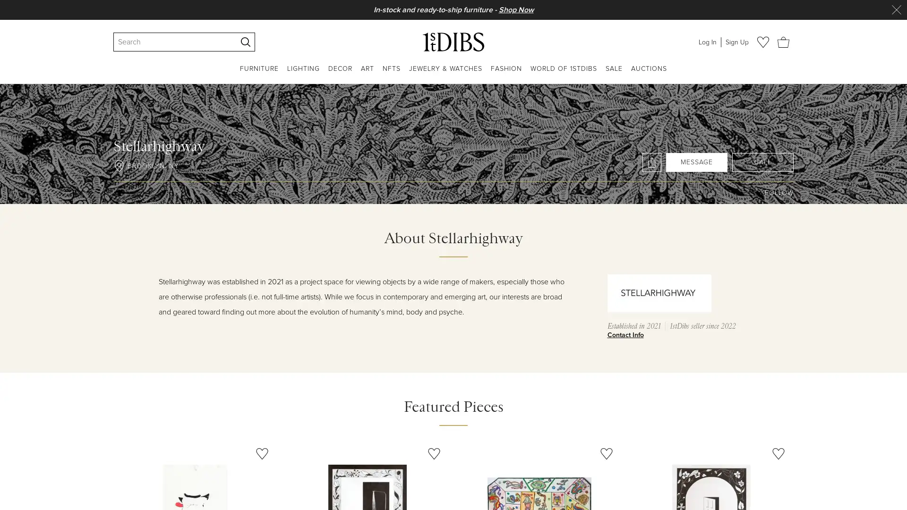 Image resolution: width=907 pixels, height=510 pixels. Describe the element at coordinates (736, 41) in the screenshot. I see `Sign Up` at that location.